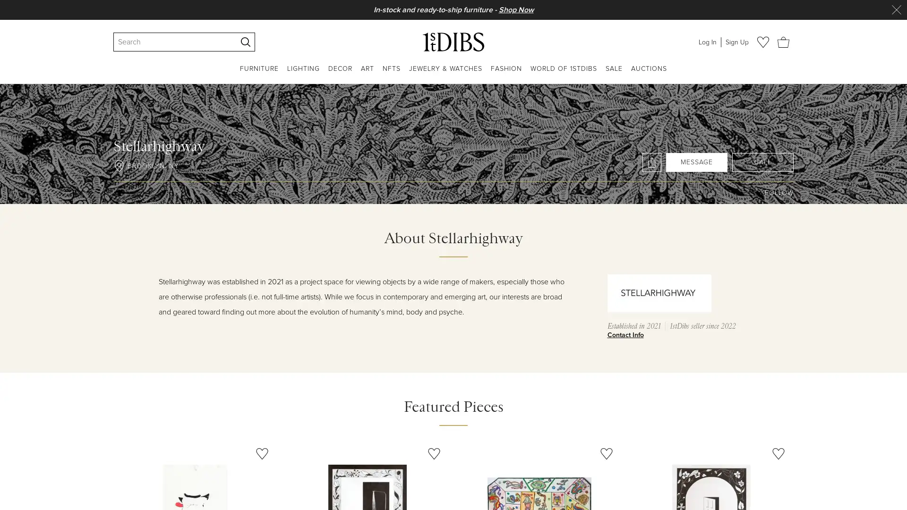 Image resolution: width=907 pixels, height=510 pixels. Describe the element at coordinates (736, 41) in the screenshot. I see `Sign Up` at that location.